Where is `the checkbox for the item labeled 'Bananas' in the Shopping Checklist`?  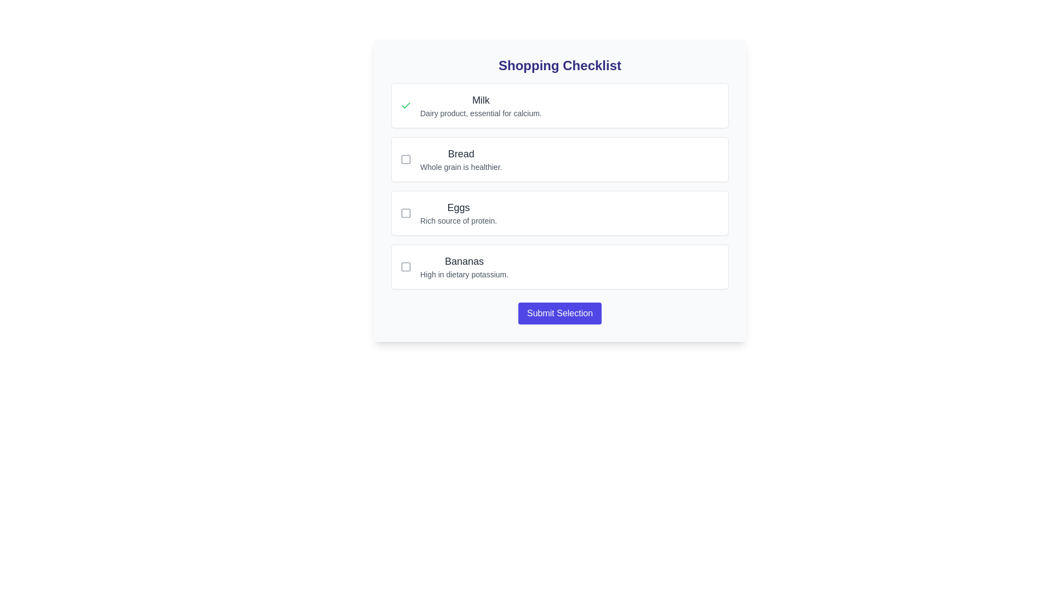 the checkbox for the item labeled 'Bananas' in the Shopping Checklist is located at coordinates (560, 266).